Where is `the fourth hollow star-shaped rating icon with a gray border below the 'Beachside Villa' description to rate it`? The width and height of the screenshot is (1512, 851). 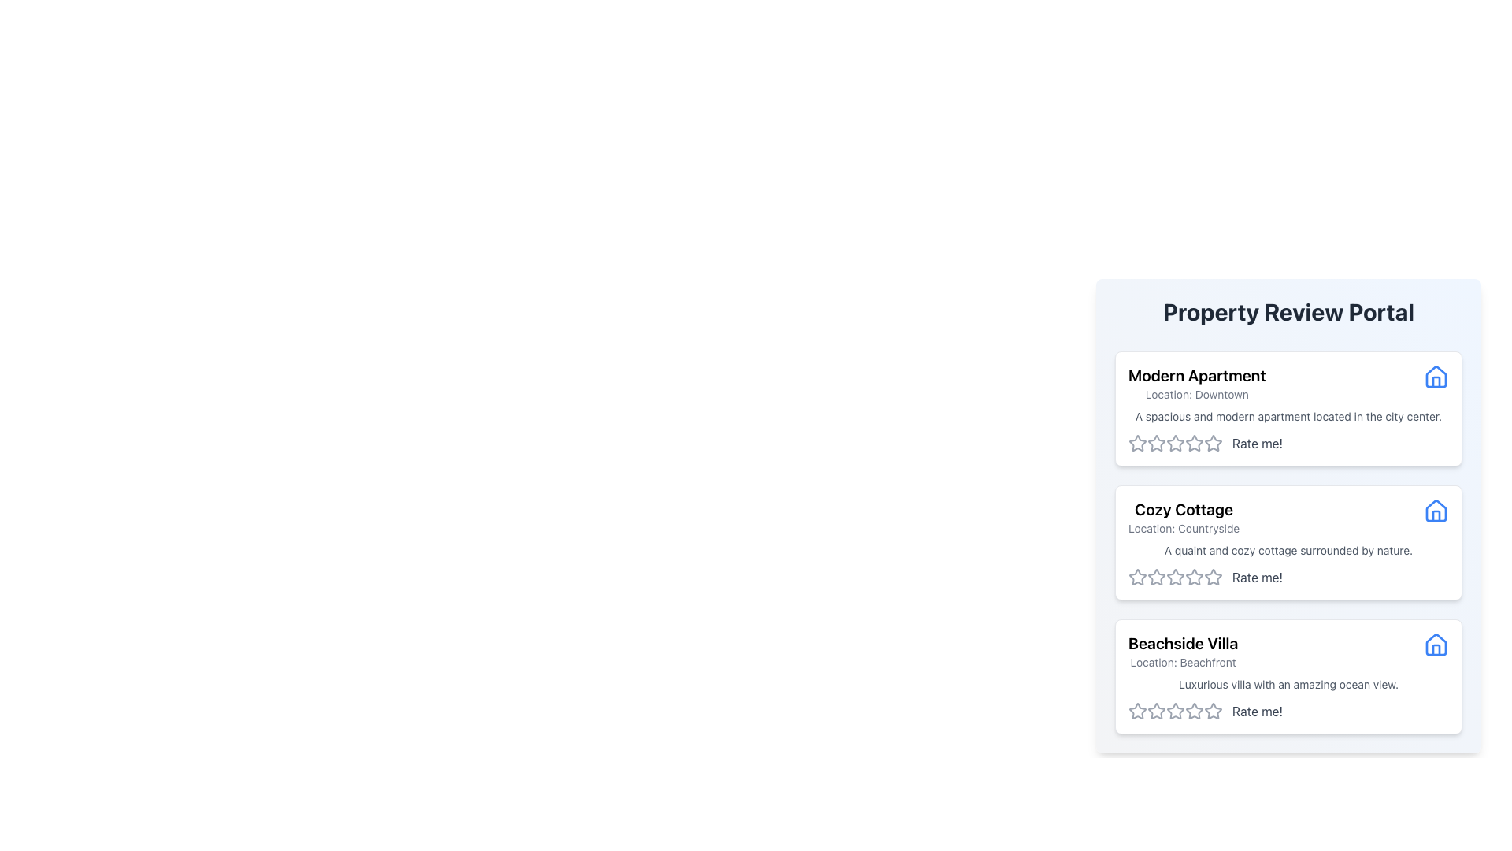 the fourth hollow star-shaped rating icon with a gray border below the 'Beachside Villa' description to rate it is located at coordinates (1194, 711).